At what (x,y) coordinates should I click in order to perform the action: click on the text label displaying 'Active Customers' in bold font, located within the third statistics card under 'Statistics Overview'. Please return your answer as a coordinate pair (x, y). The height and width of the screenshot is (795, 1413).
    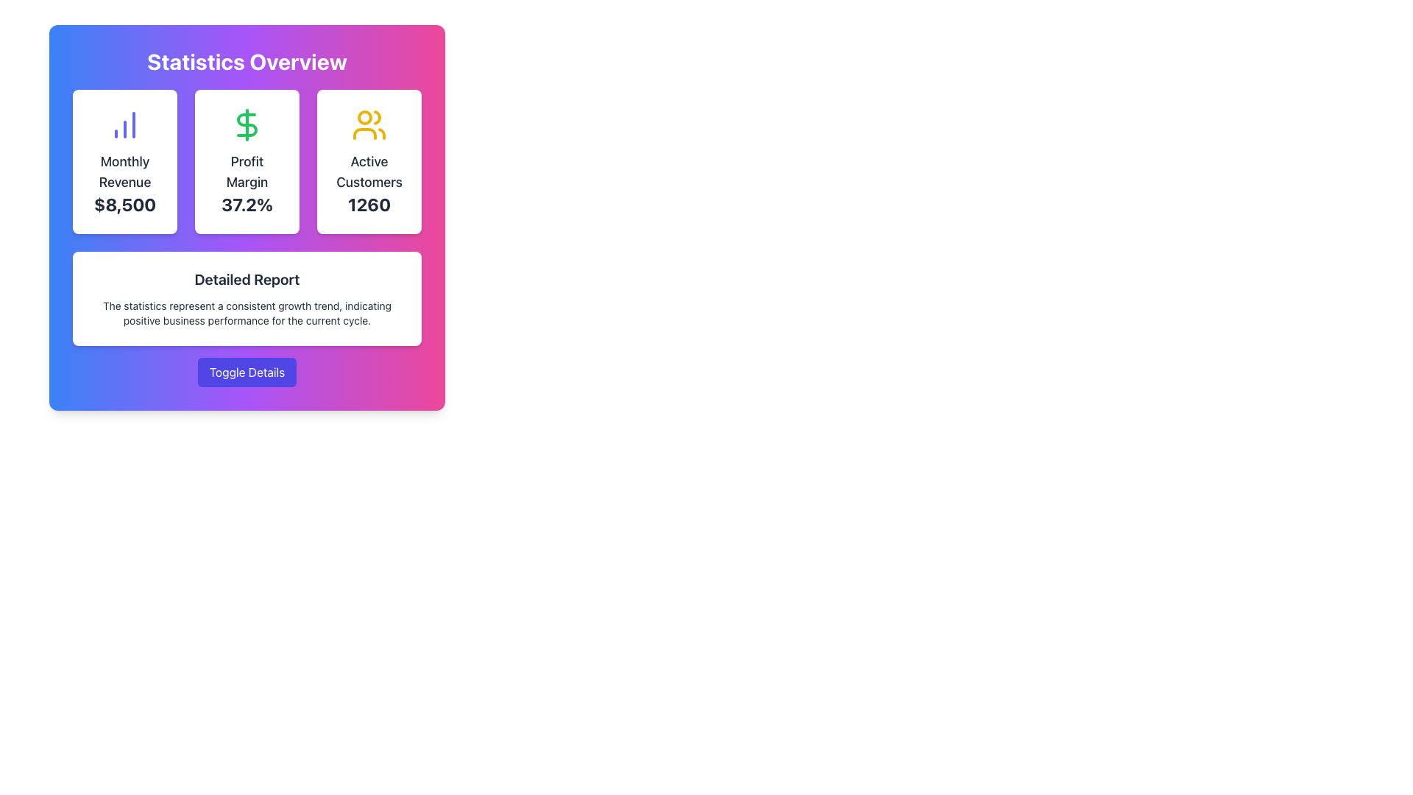
    Looking at the image, I should click on (369, 172).